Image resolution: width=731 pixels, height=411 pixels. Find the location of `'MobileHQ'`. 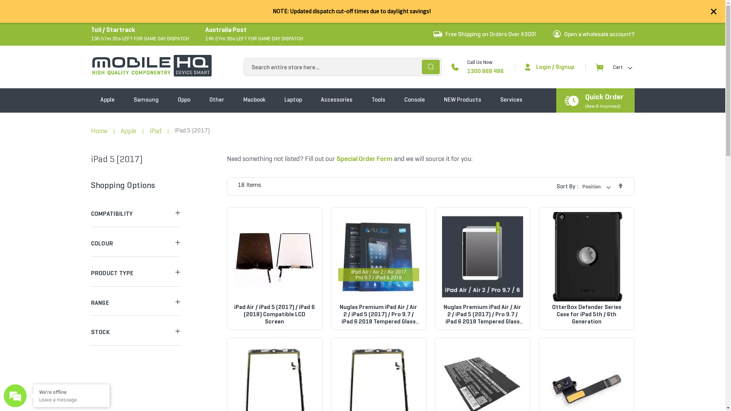

'MobileHQ' is located at coordinates (152, 67).